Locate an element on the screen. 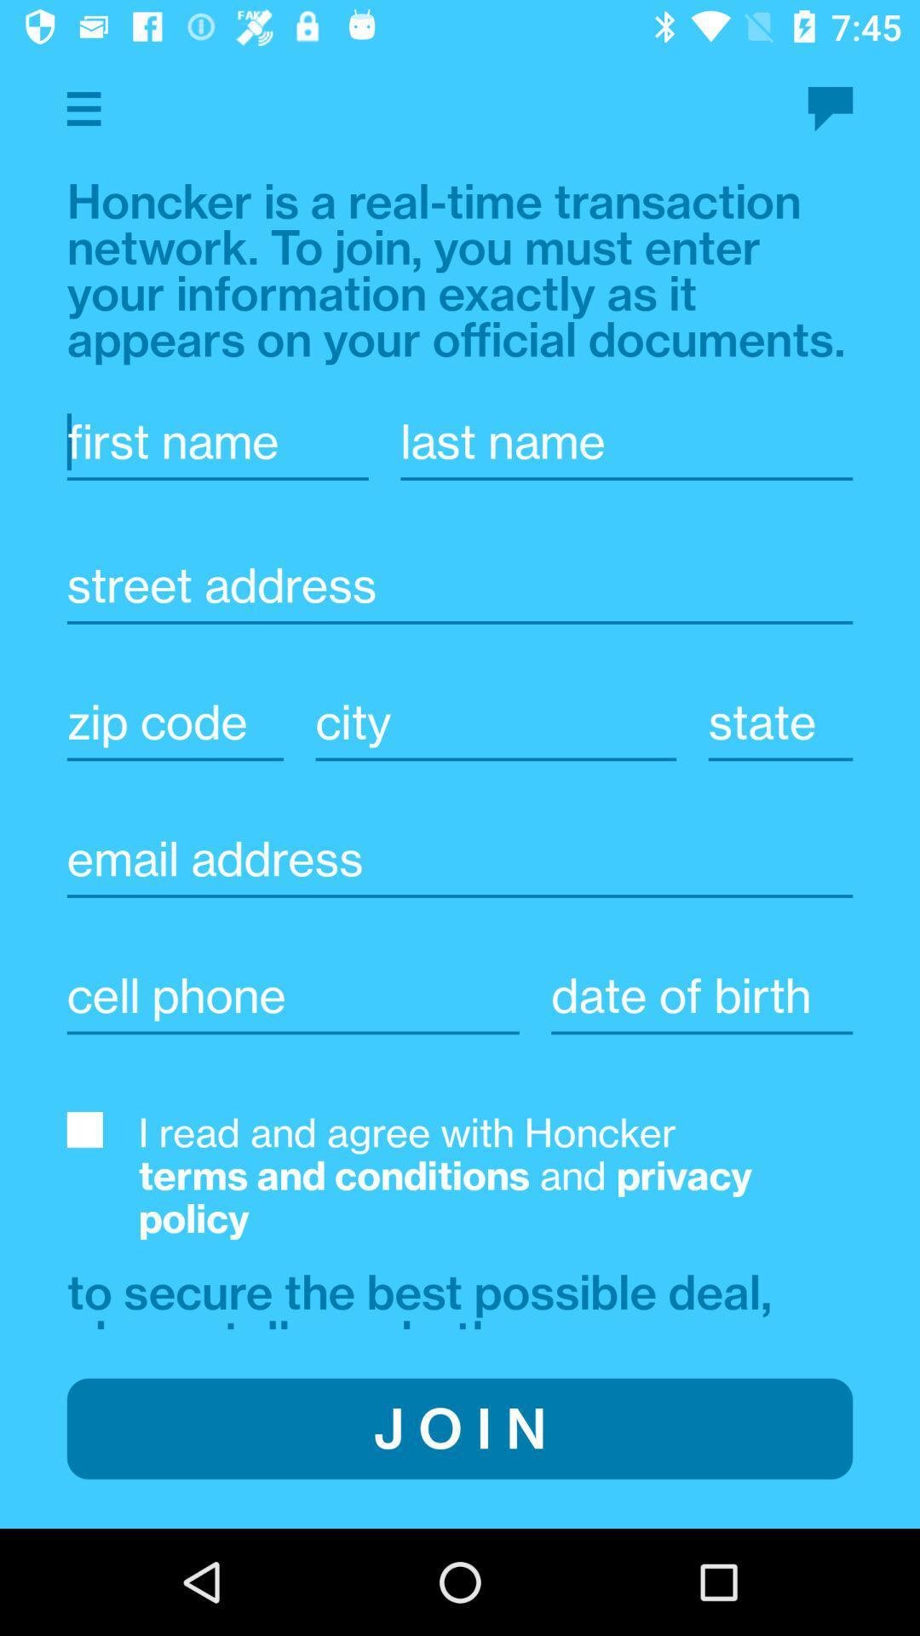  email address is located at coordinates (460, 859).